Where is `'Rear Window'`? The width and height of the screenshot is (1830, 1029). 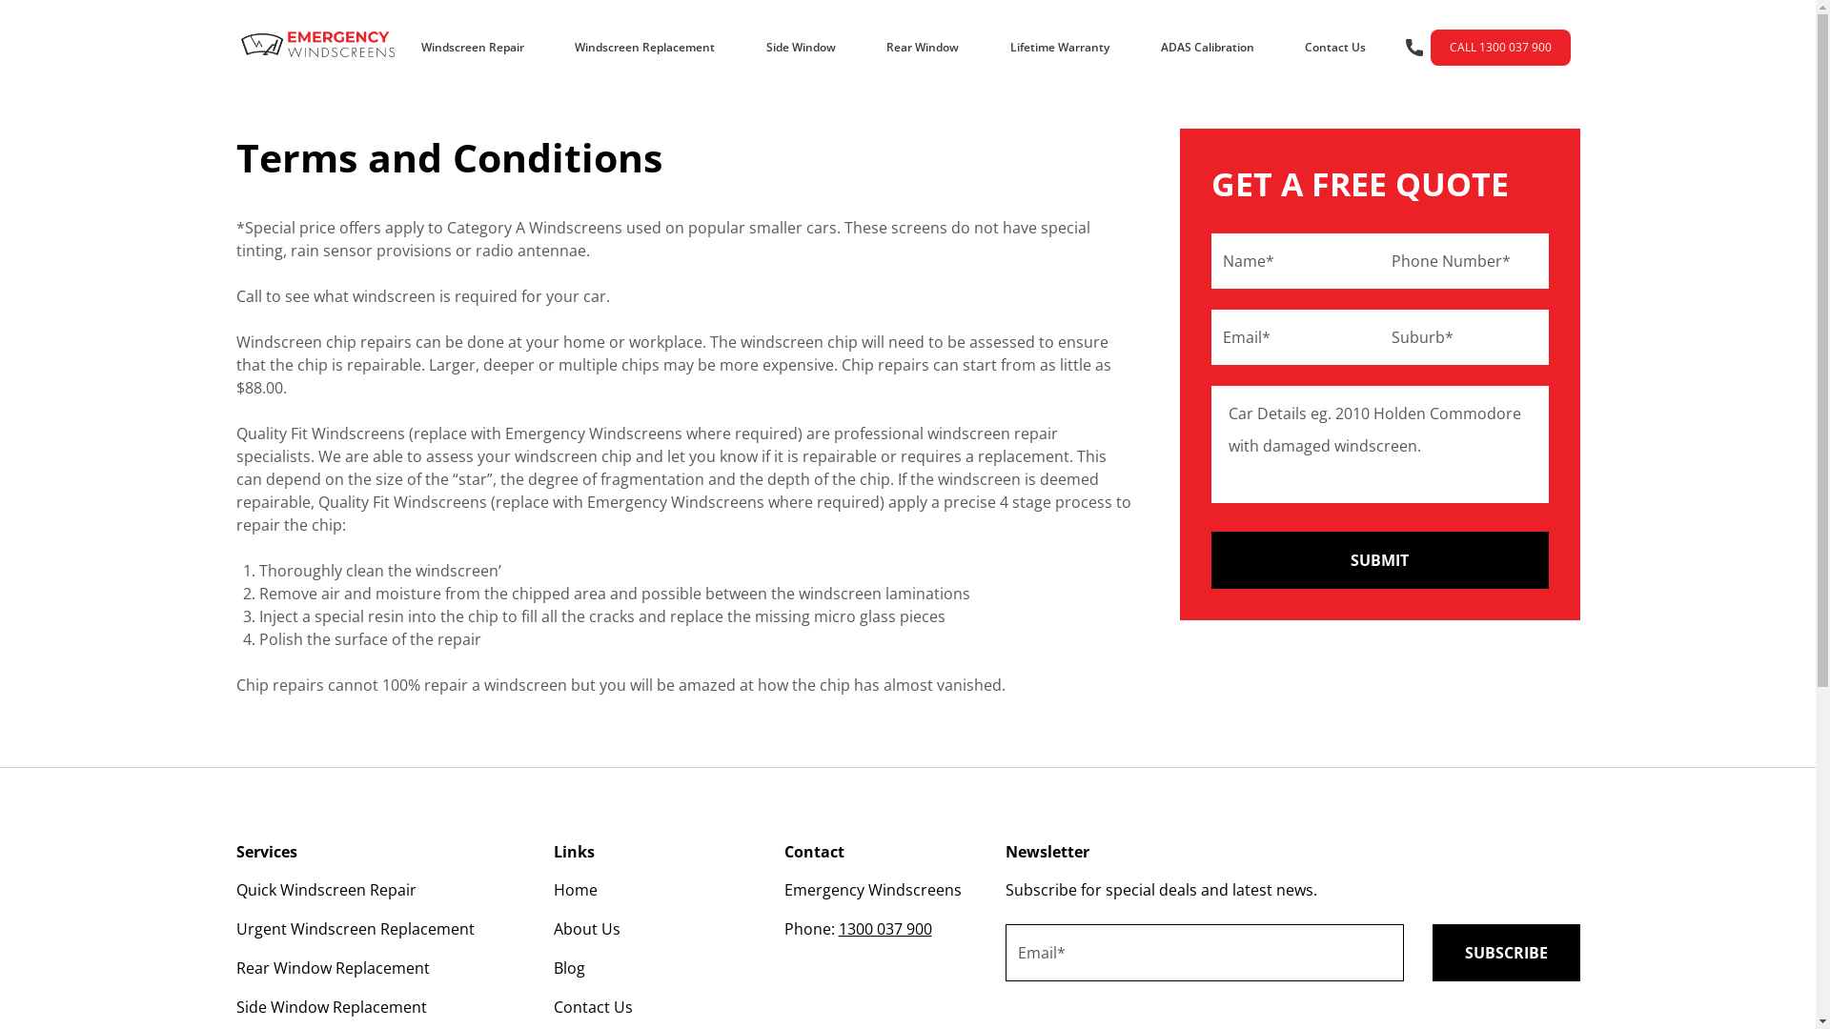 'Rear Window' is located at coordinates (868, 47).